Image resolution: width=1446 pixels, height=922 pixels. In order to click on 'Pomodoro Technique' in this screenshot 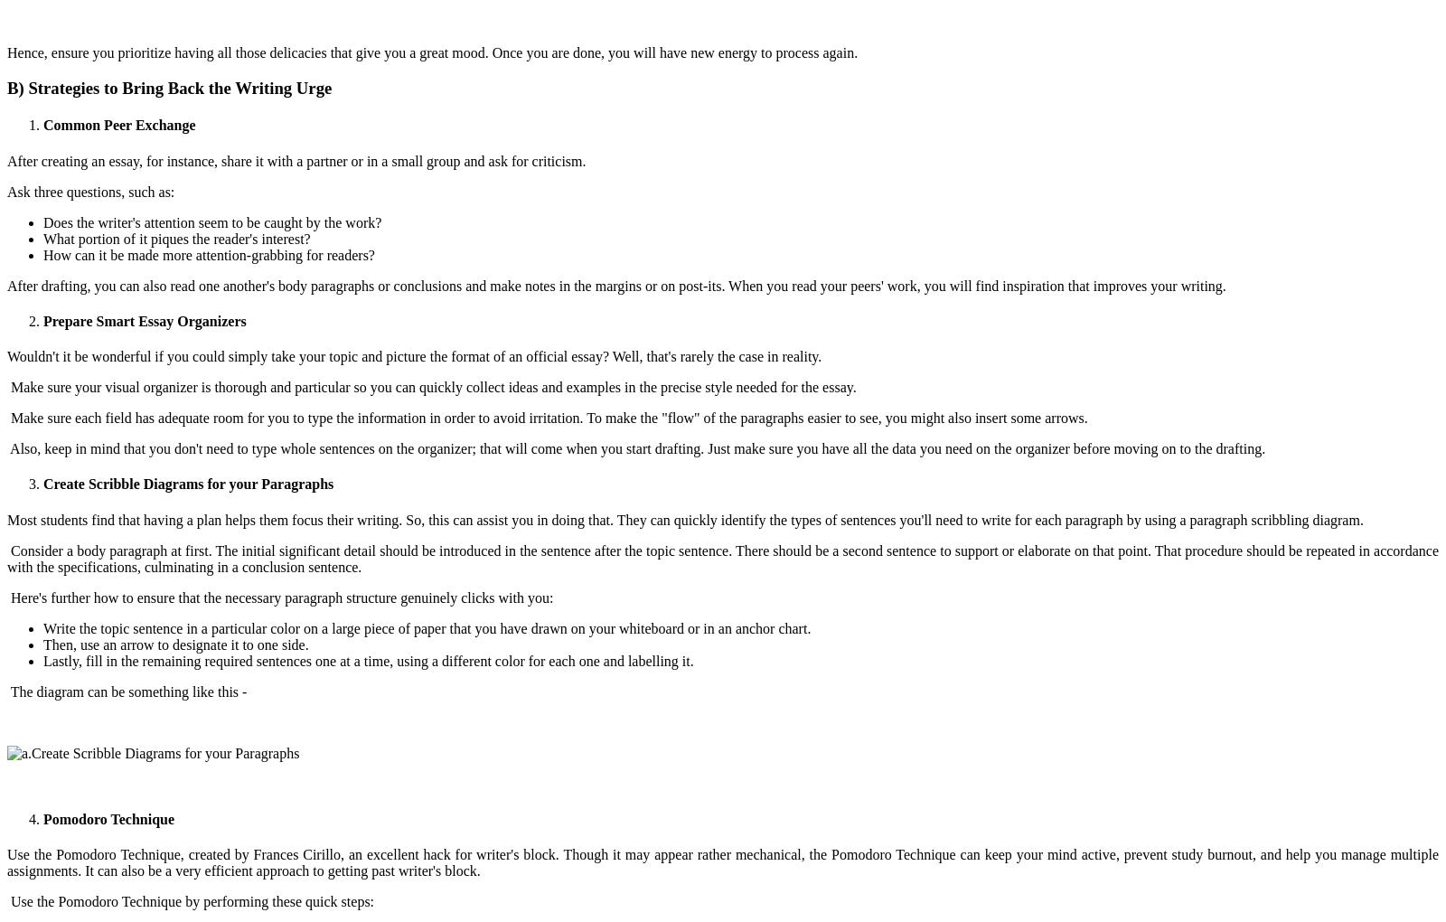, I will do `click(42, 818)`.